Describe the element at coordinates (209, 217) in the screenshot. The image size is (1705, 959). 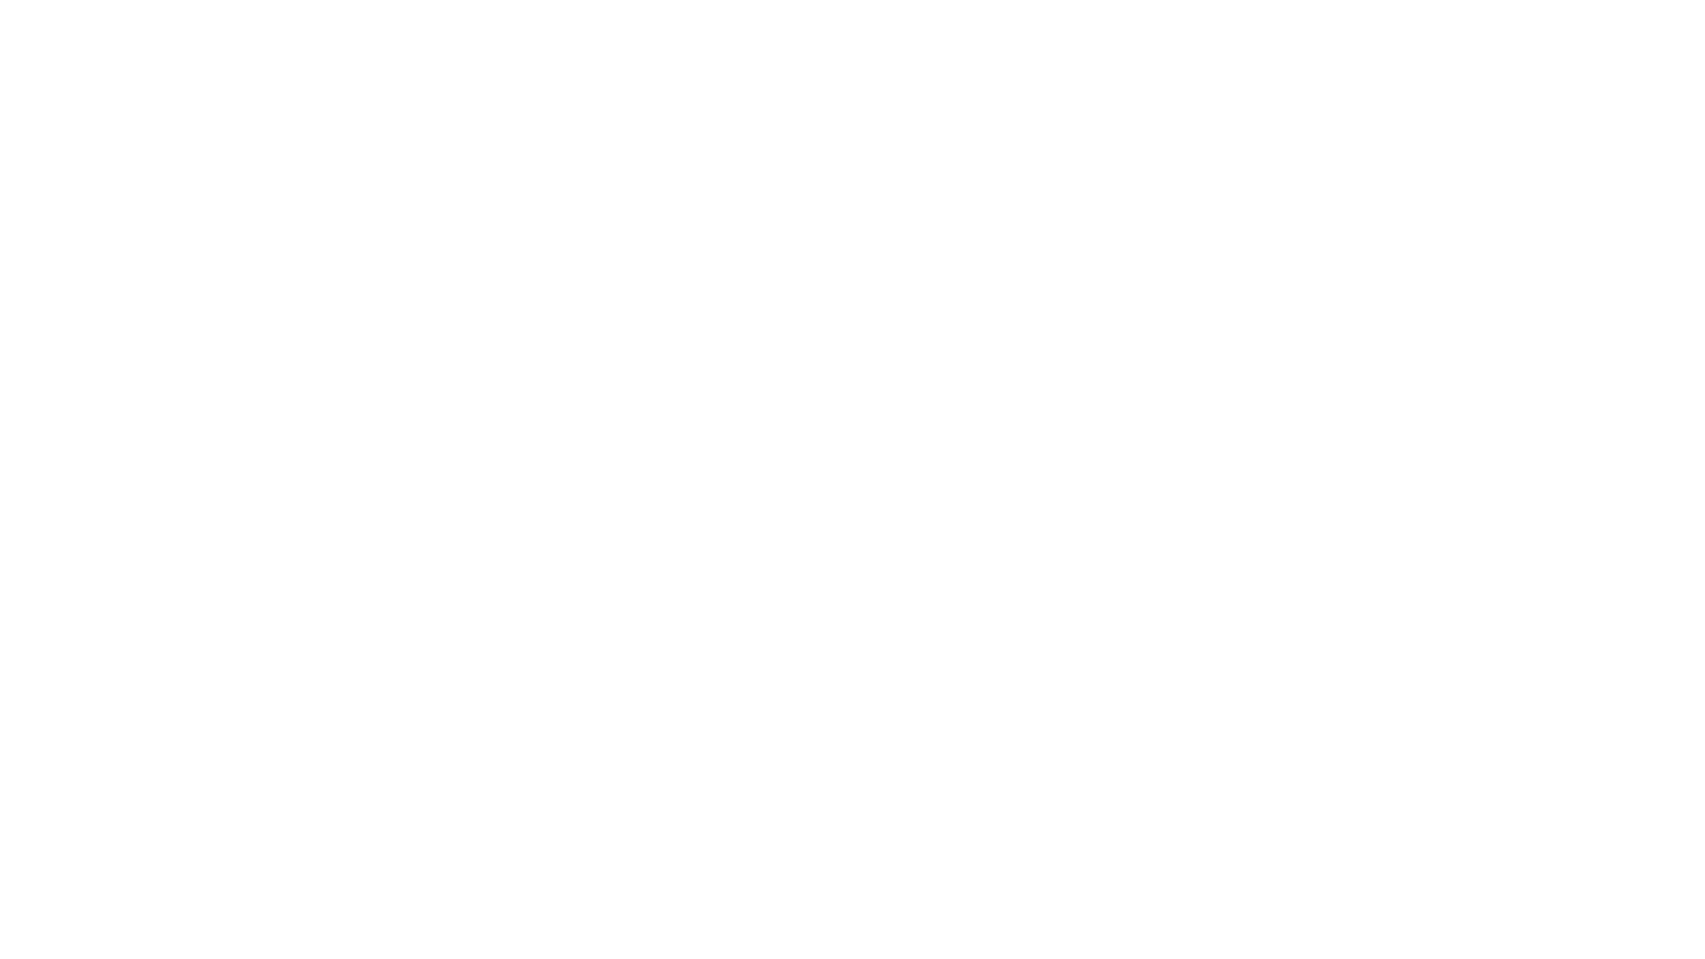
I see `Mihaela C. Ion` at that location.